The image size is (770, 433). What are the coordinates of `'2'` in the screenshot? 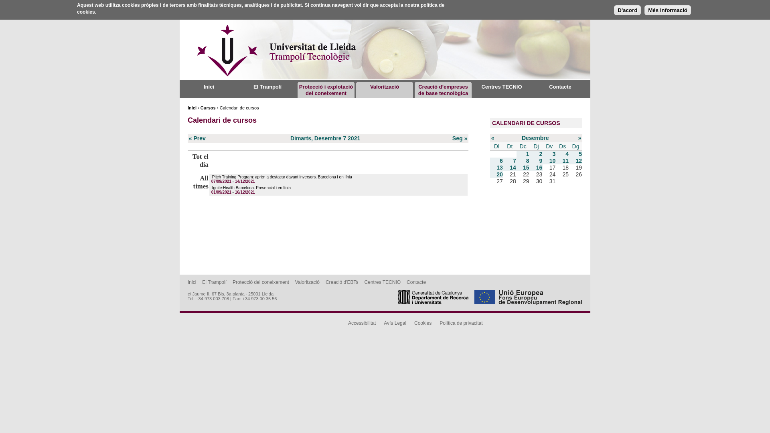 It's located at (541, 154).